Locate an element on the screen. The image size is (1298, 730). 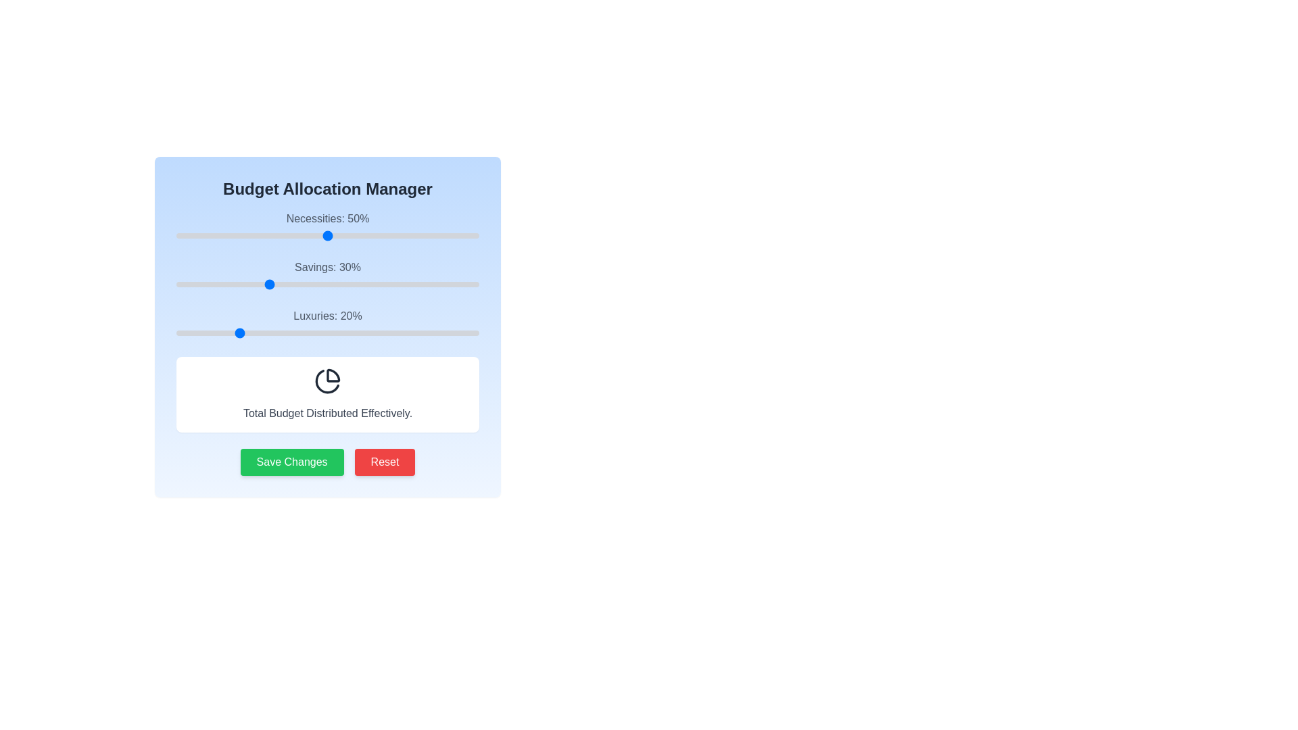
the circular blue indicator of the 'Savings: 30%' range slider is located at coordinates (327, 275).